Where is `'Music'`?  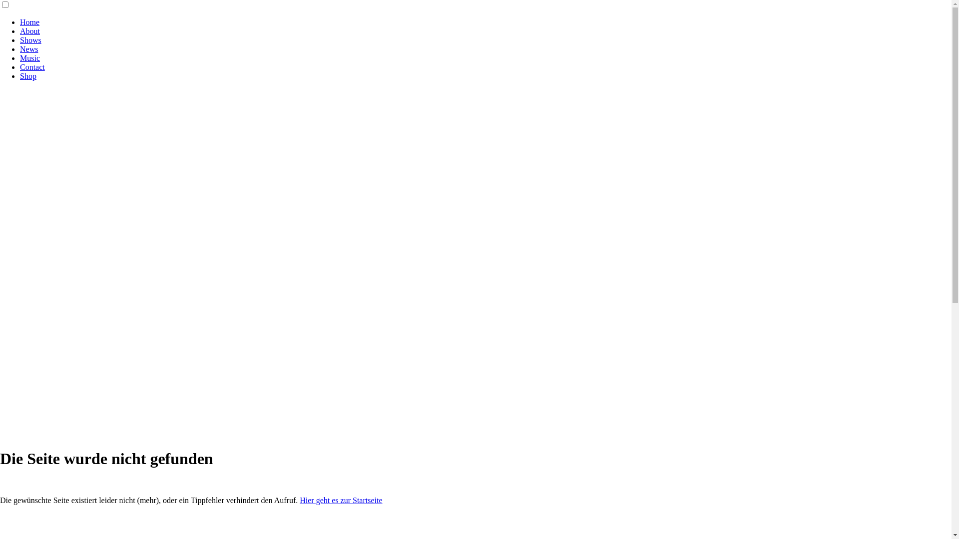
'Music' is located at coordinates (29, 58).